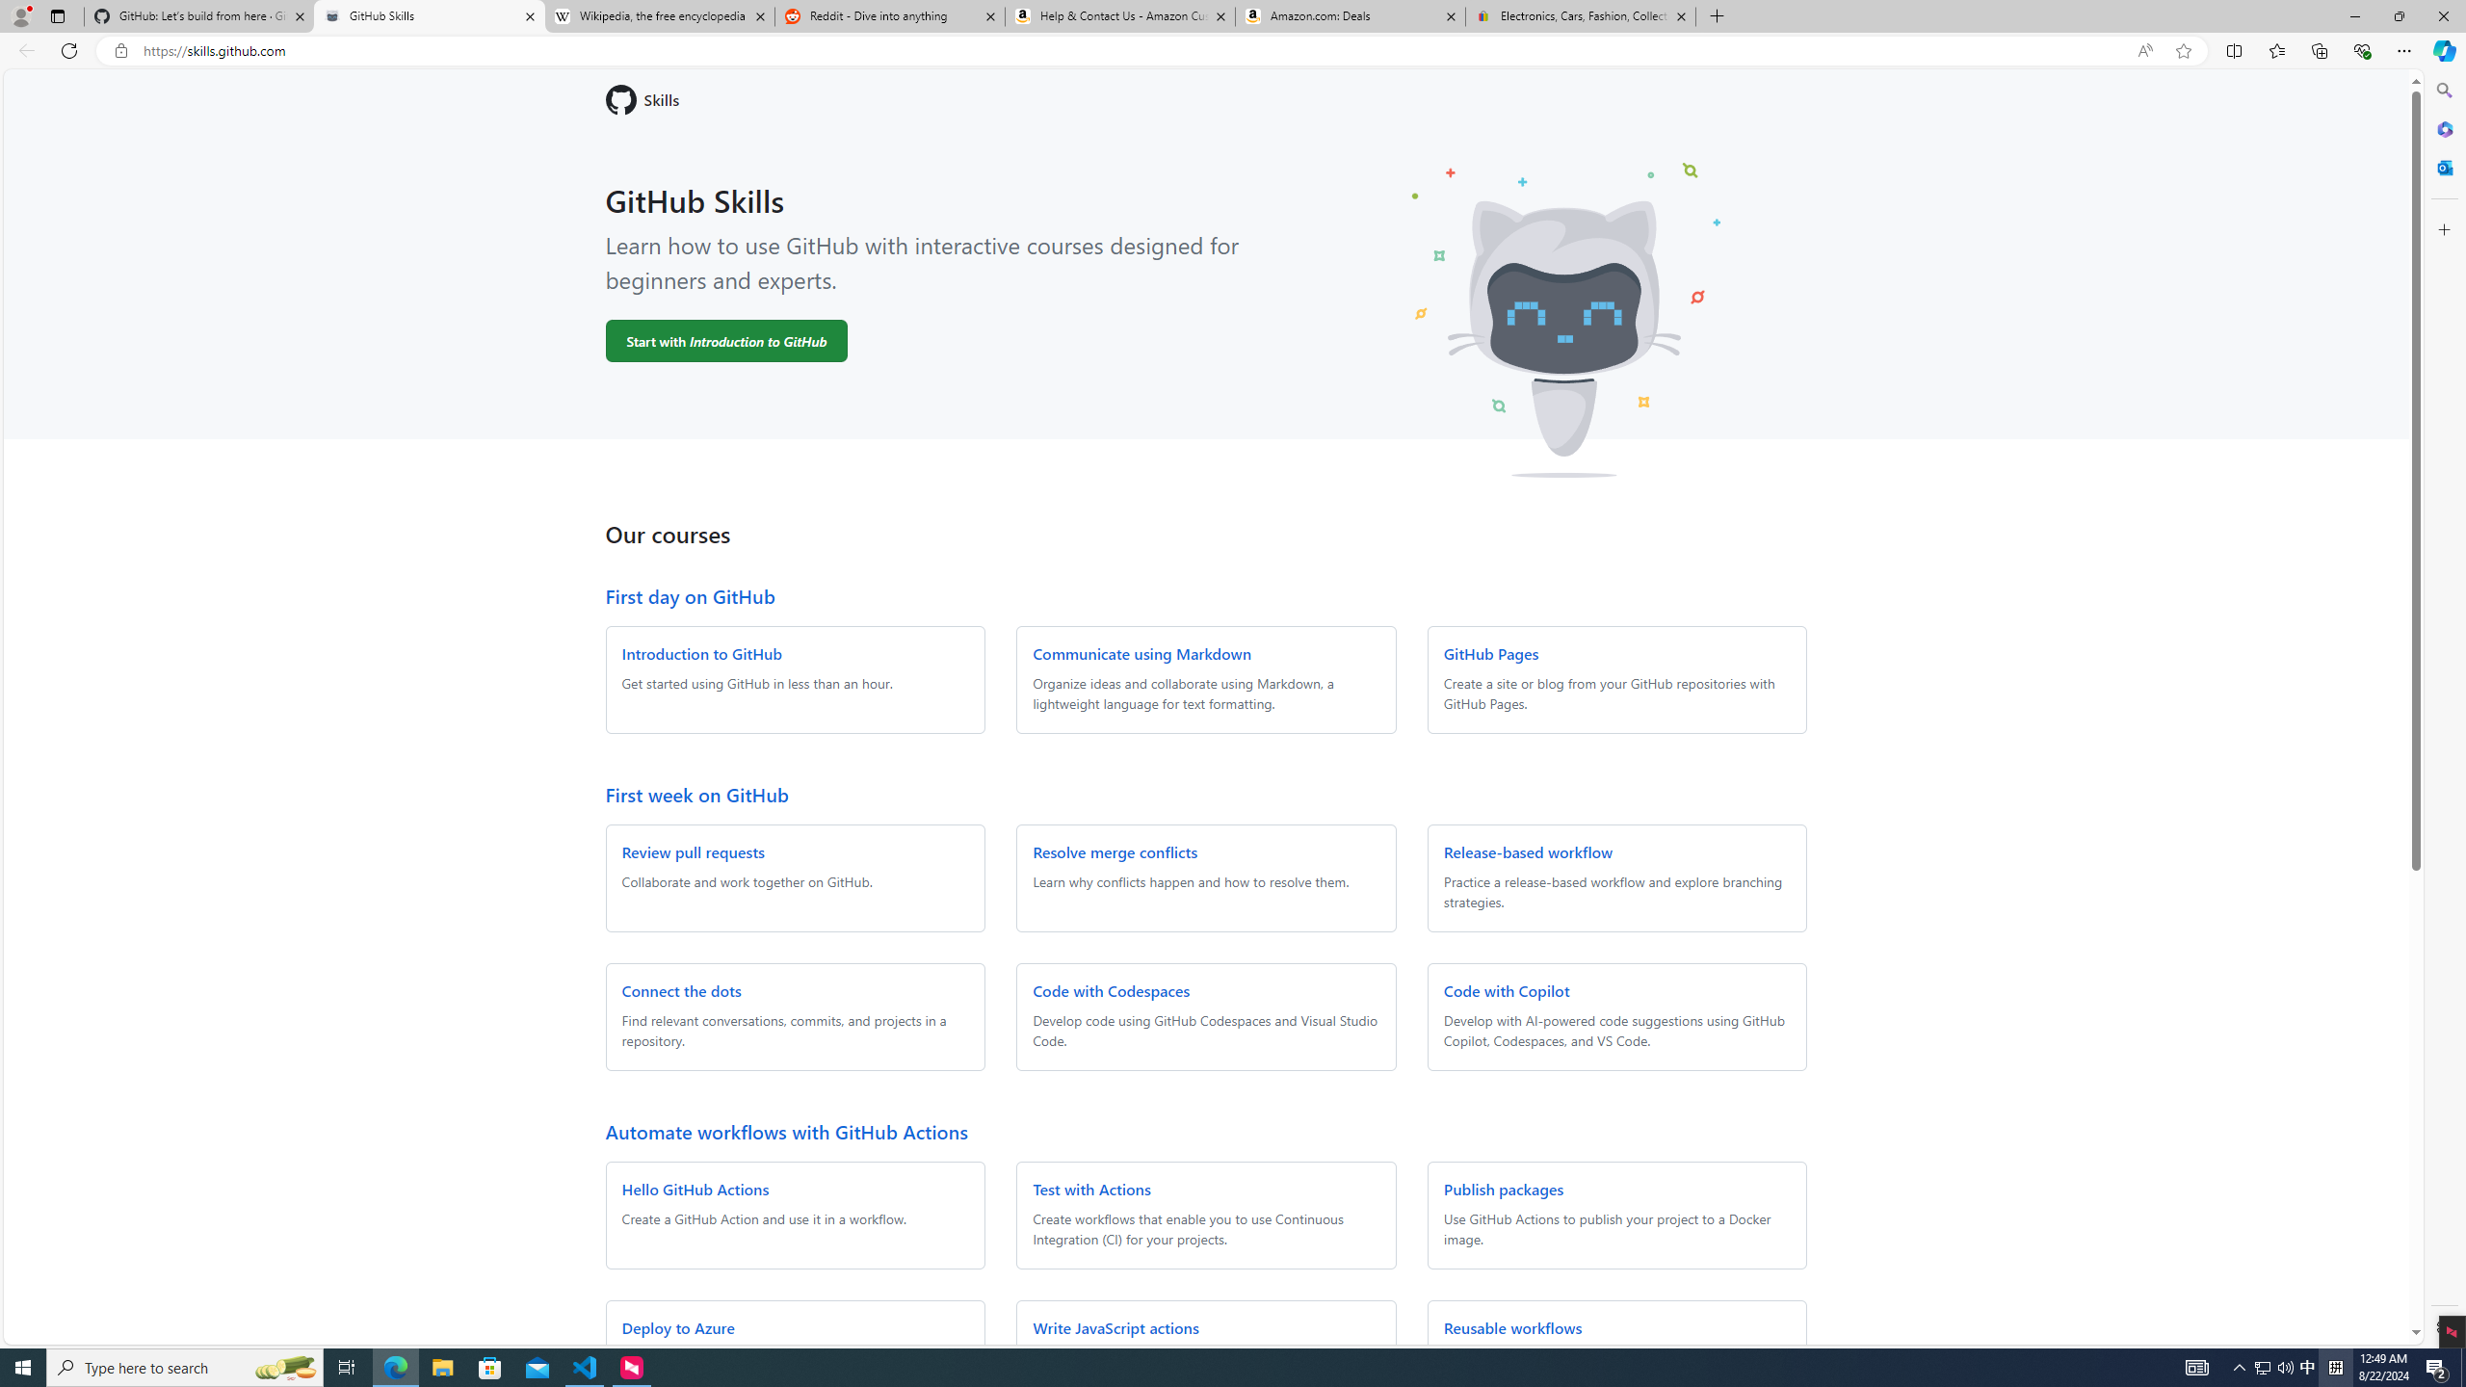  What do you see at coordinates (1503, 1188) in the screenshot?
I see `'Publish packages'` at bounding box center [1503, 1188].